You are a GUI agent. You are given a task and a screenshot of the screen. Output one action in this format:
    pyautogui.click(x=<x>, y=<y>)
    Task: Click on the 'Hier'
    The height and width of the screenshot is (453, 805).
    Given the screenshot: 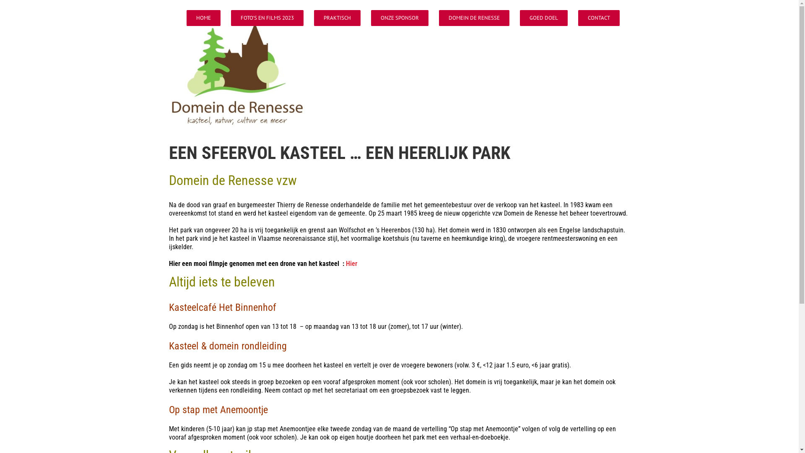 What is the action you would take?
    pyautogui.click(x=345, y=263)
    